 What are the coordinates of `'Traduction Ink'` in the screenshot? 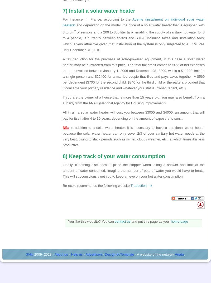 It's located at (141, 186).